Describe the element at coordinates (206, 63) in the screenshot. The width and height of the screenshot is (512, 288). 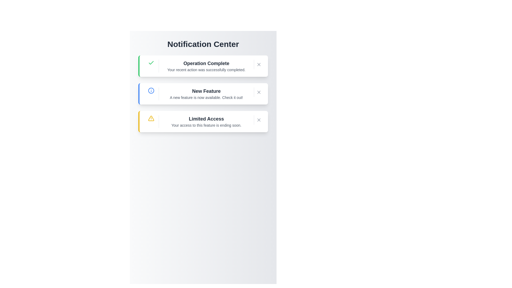
I see `the 'Operation Complete' text label, which is styled in bold and large font, indicating a successful operation in the Notification Center` at that location.